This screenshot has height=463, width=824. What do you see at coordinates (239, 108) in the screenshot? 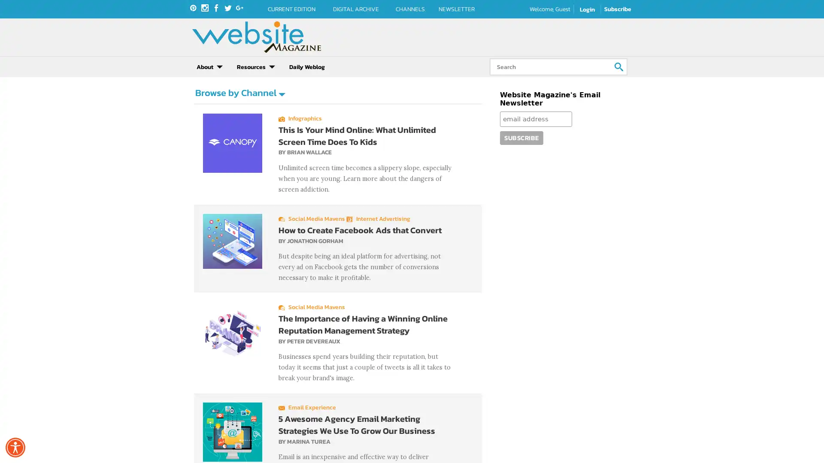
I see `Browse by Channel` at bounding box center [239, 108].